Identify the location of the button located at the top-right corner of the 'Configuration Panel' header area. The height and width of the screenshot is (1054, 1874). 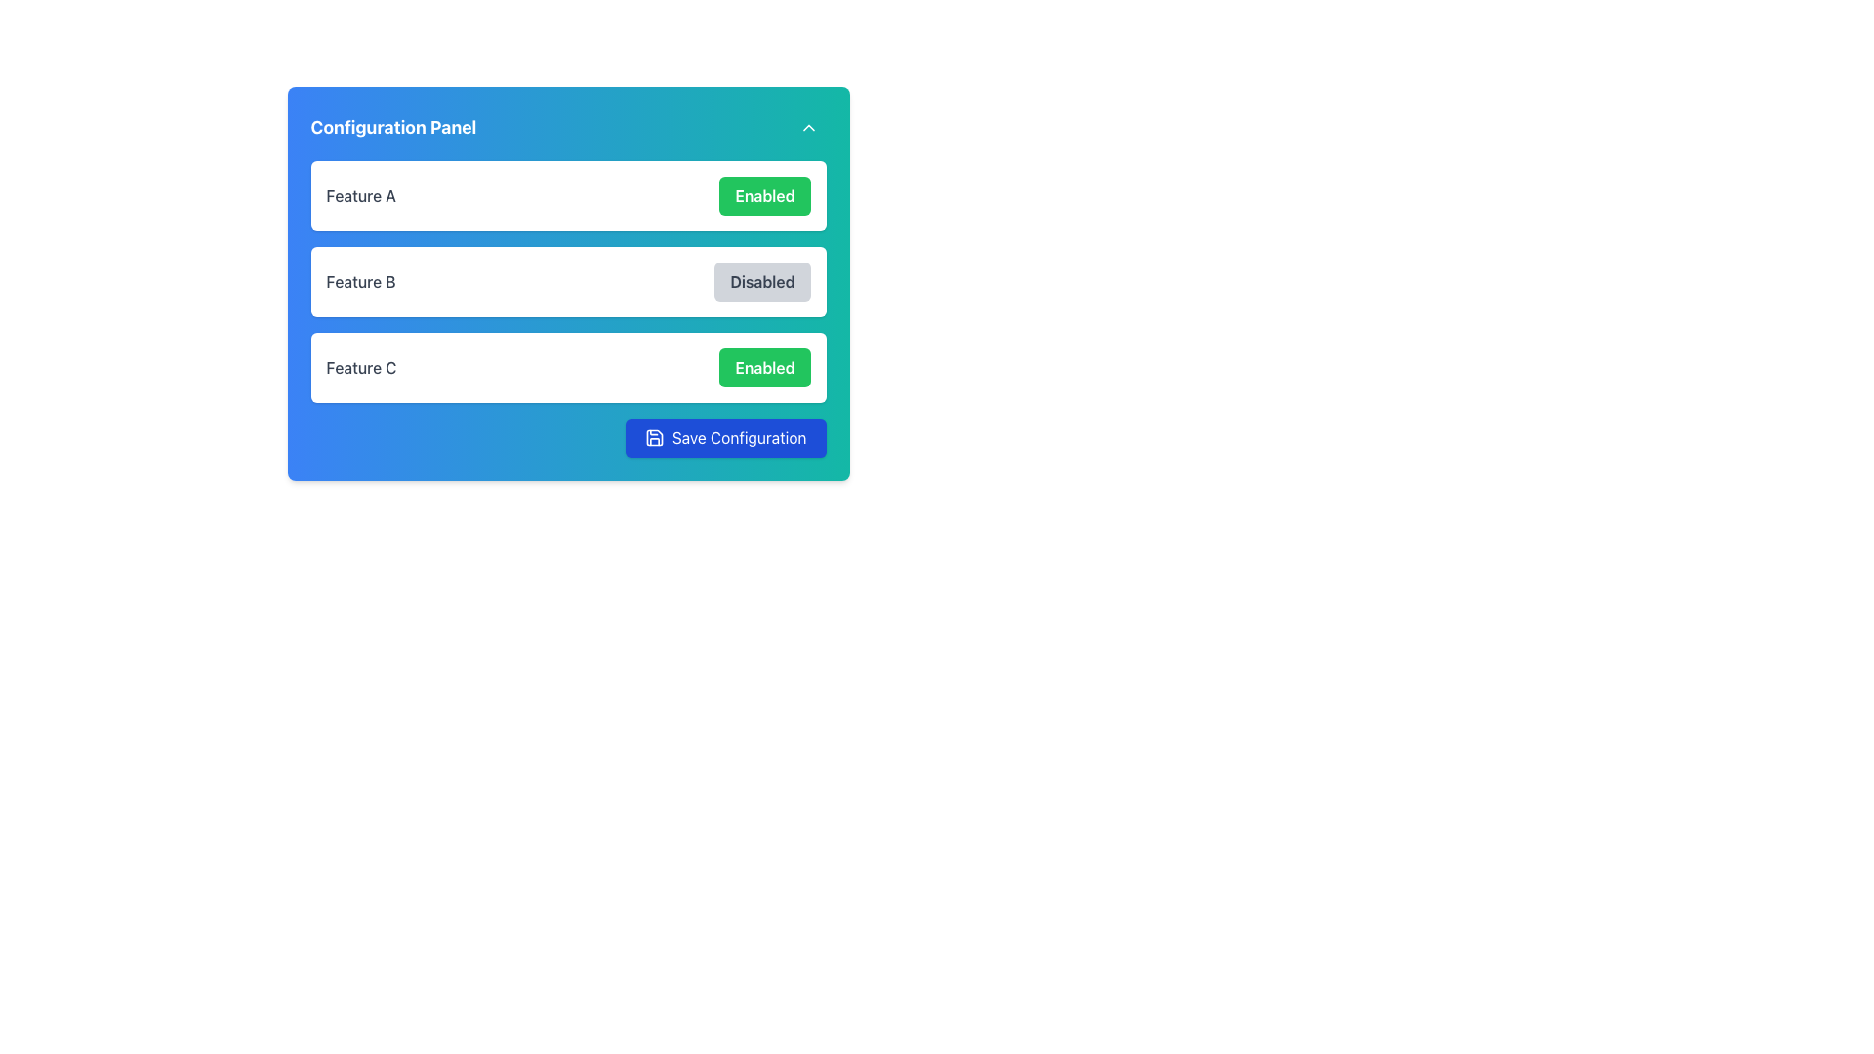
(808, 128).